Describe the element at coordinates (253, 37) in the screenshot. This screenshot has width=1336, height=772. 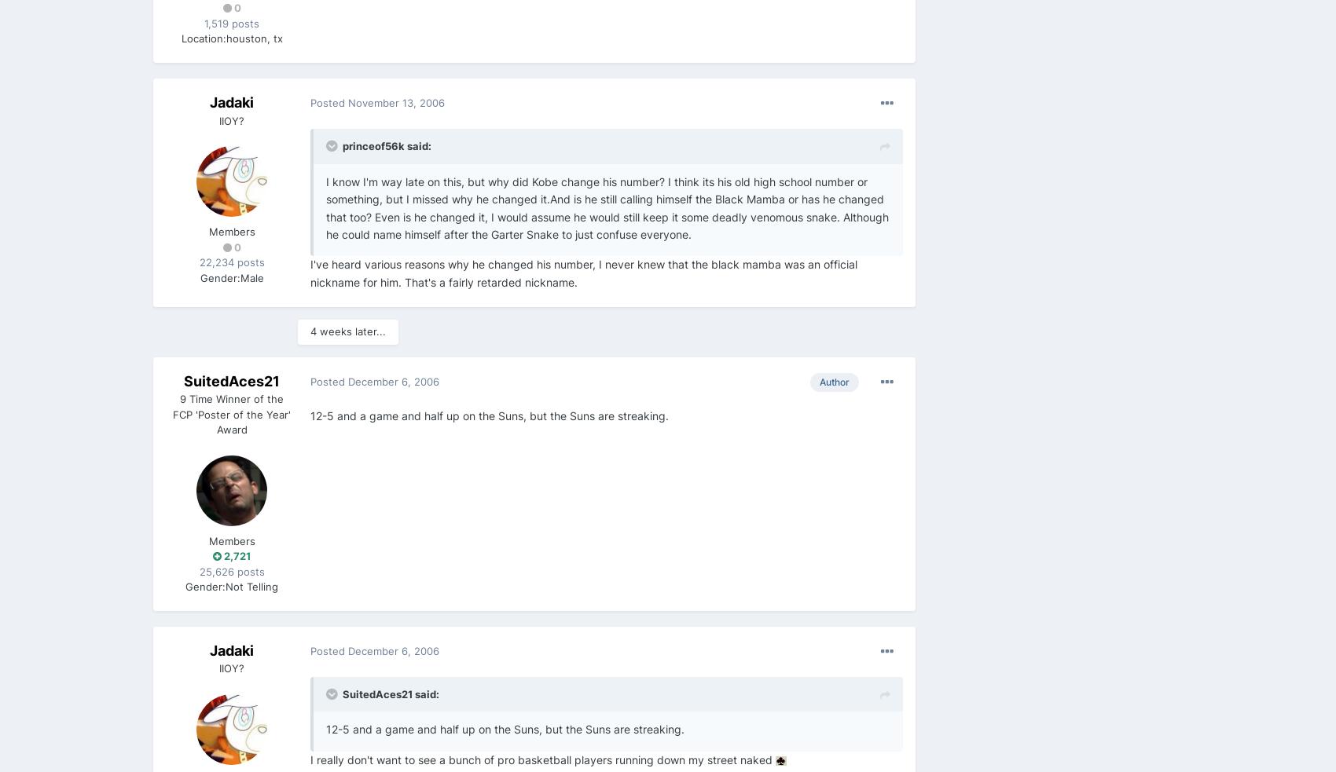
I see `'houston, tx'` at that location.